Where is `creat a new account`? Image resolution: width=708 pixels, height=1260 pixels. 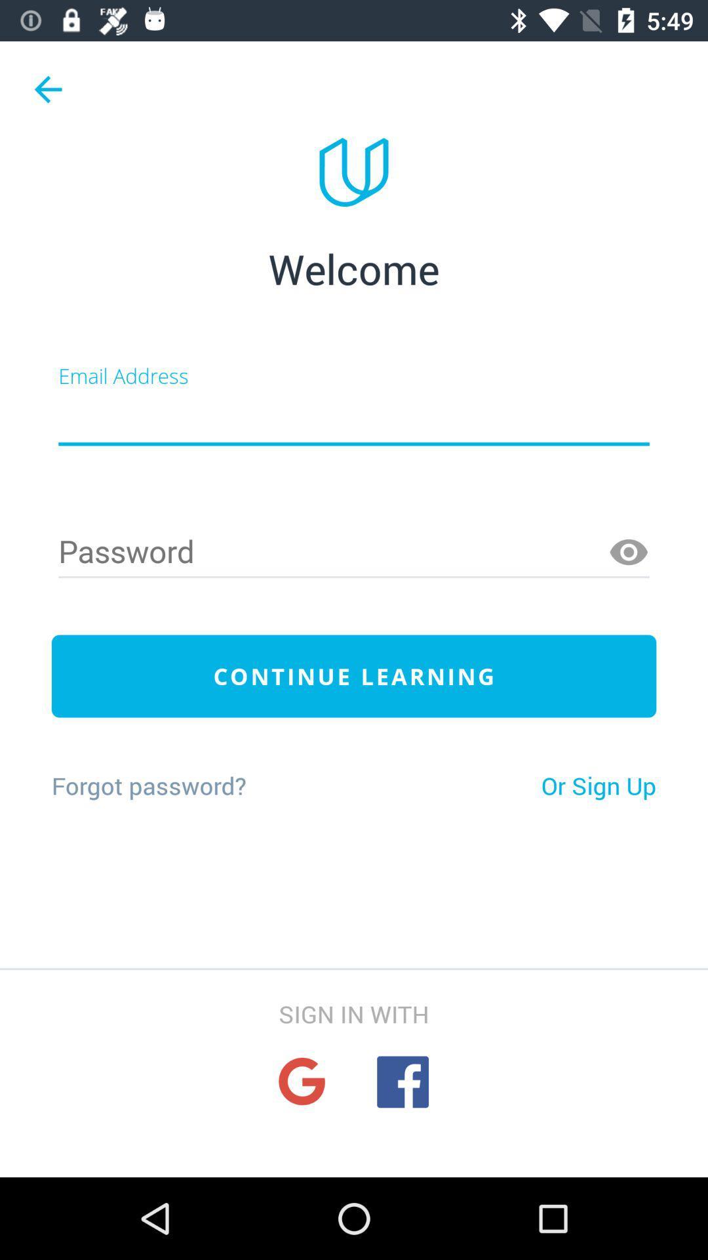
creat a new account is located at coordinates (354, 418).